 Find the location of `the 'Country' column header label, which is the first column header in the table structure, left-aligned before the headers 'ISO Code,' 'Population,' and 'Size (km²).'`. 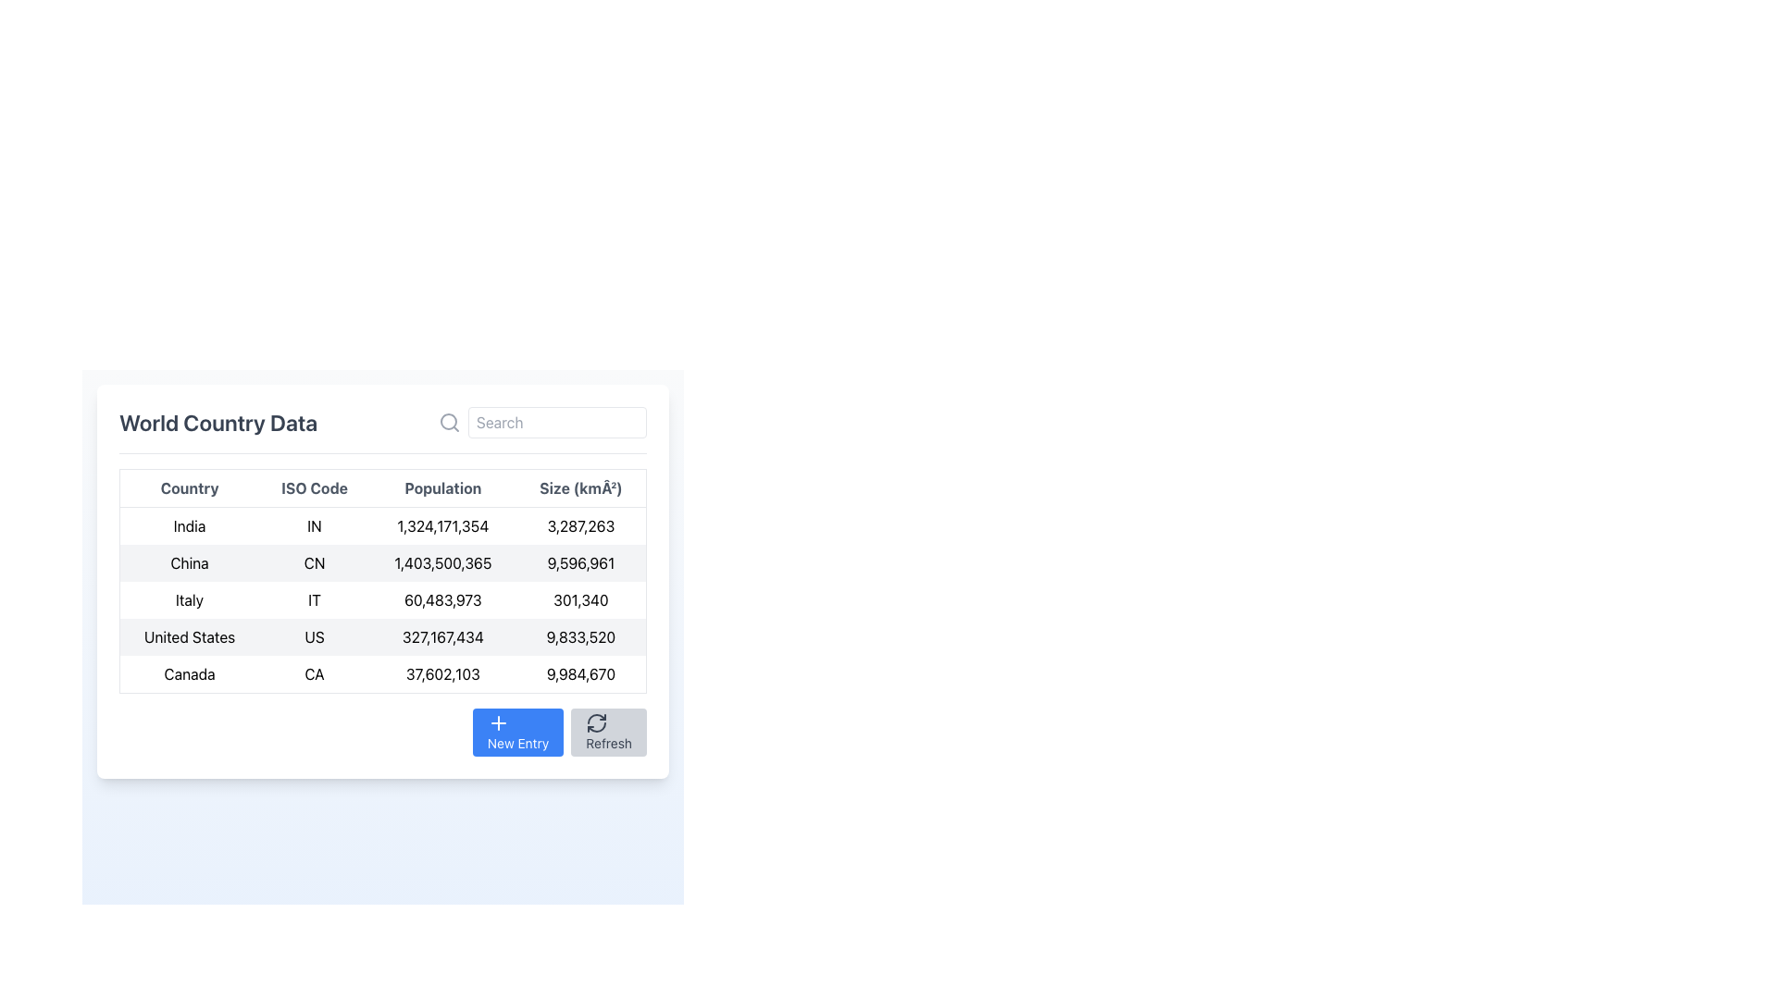

the 'Country' column header label, which is the first column header in the table structure, left-aligned before the headers 'ISO Code,' 'Population,' and 'Size (km²).' is located at coordinates (189, 487).